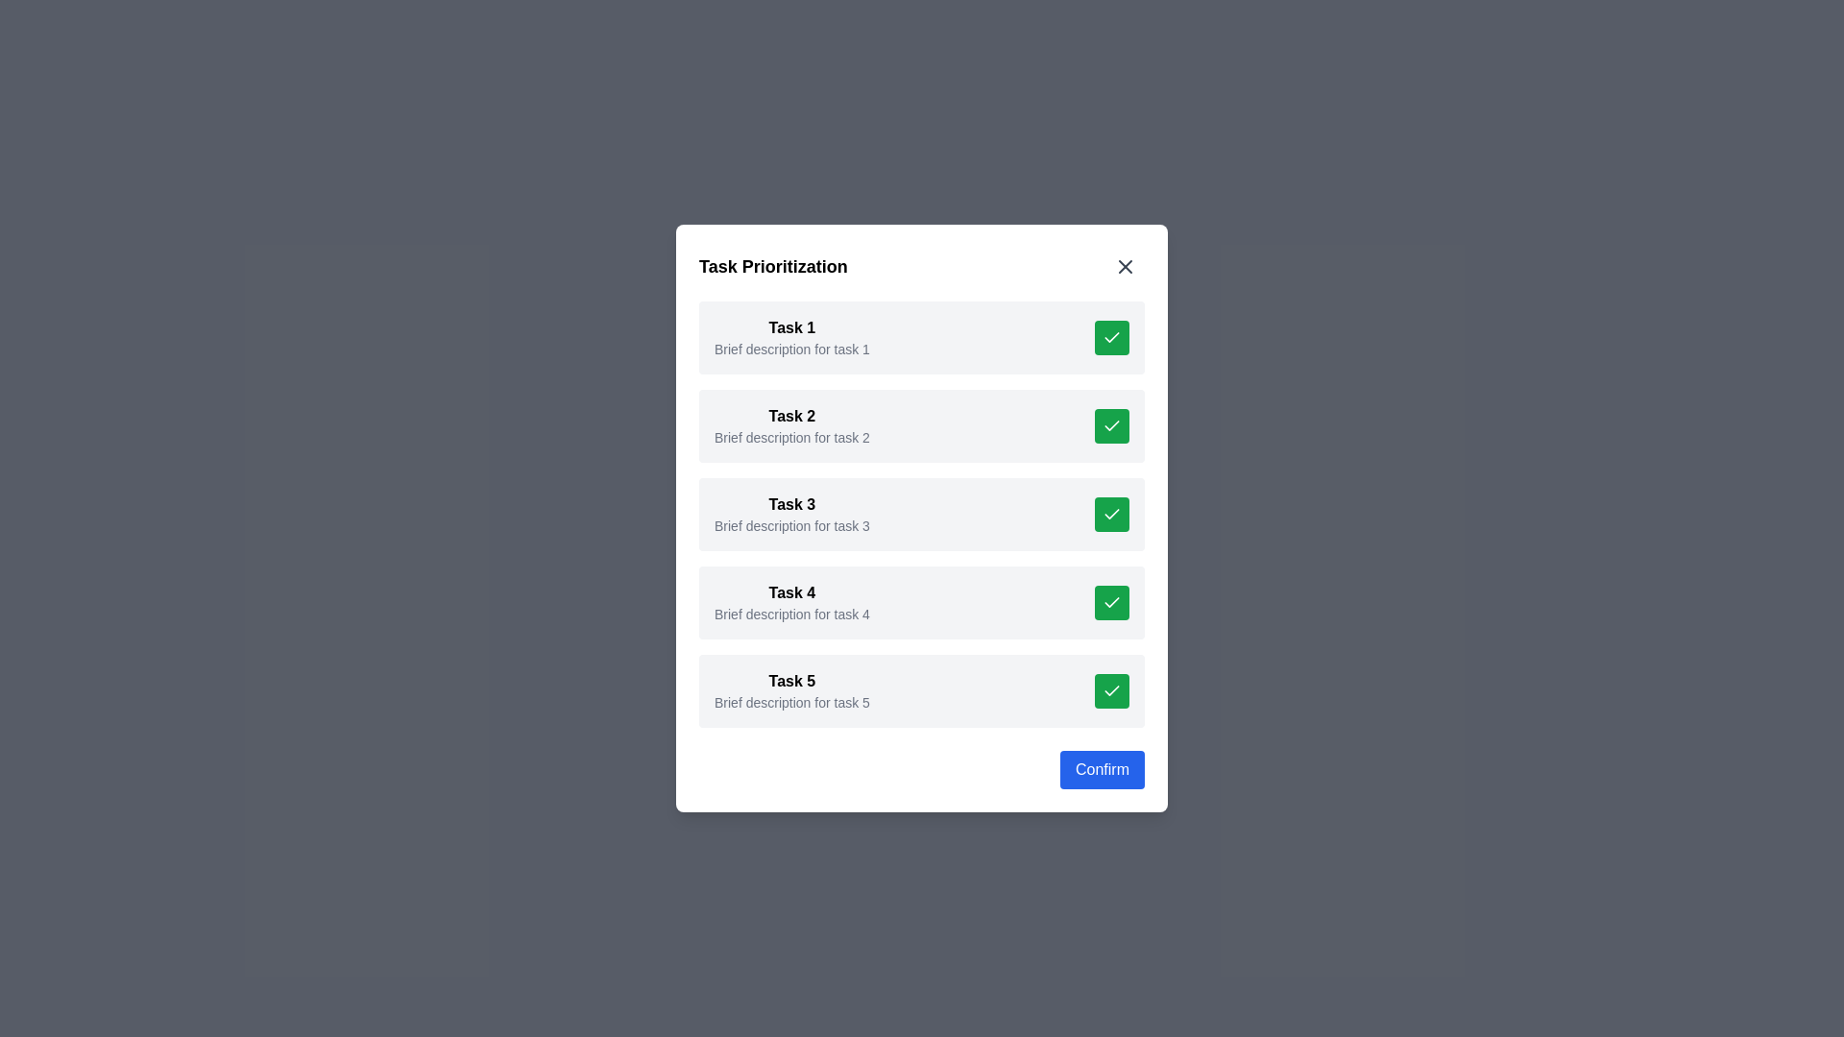 The image size is (1844, 1037). What do you see at coordinates (1102, 769) in the screenshot?
I see `the rectangular blue 'Confirm' button with rounded corners at the bottom right of the modal to confirm the action` at bounding box center [1102, 769].